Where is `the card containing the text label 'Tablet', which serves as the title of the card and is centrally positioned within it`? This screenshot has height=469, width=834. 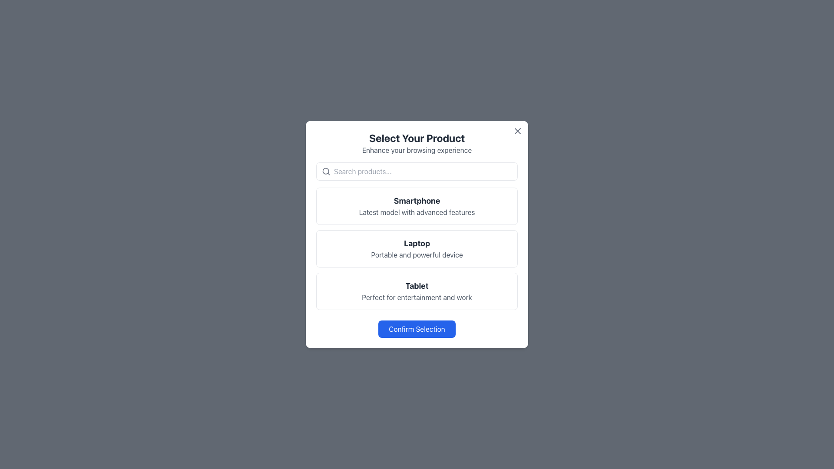 the card containing the text label 'Tablet', which serves as the title of the card and is centrally positioned within it is located at coordinates (417, 286).